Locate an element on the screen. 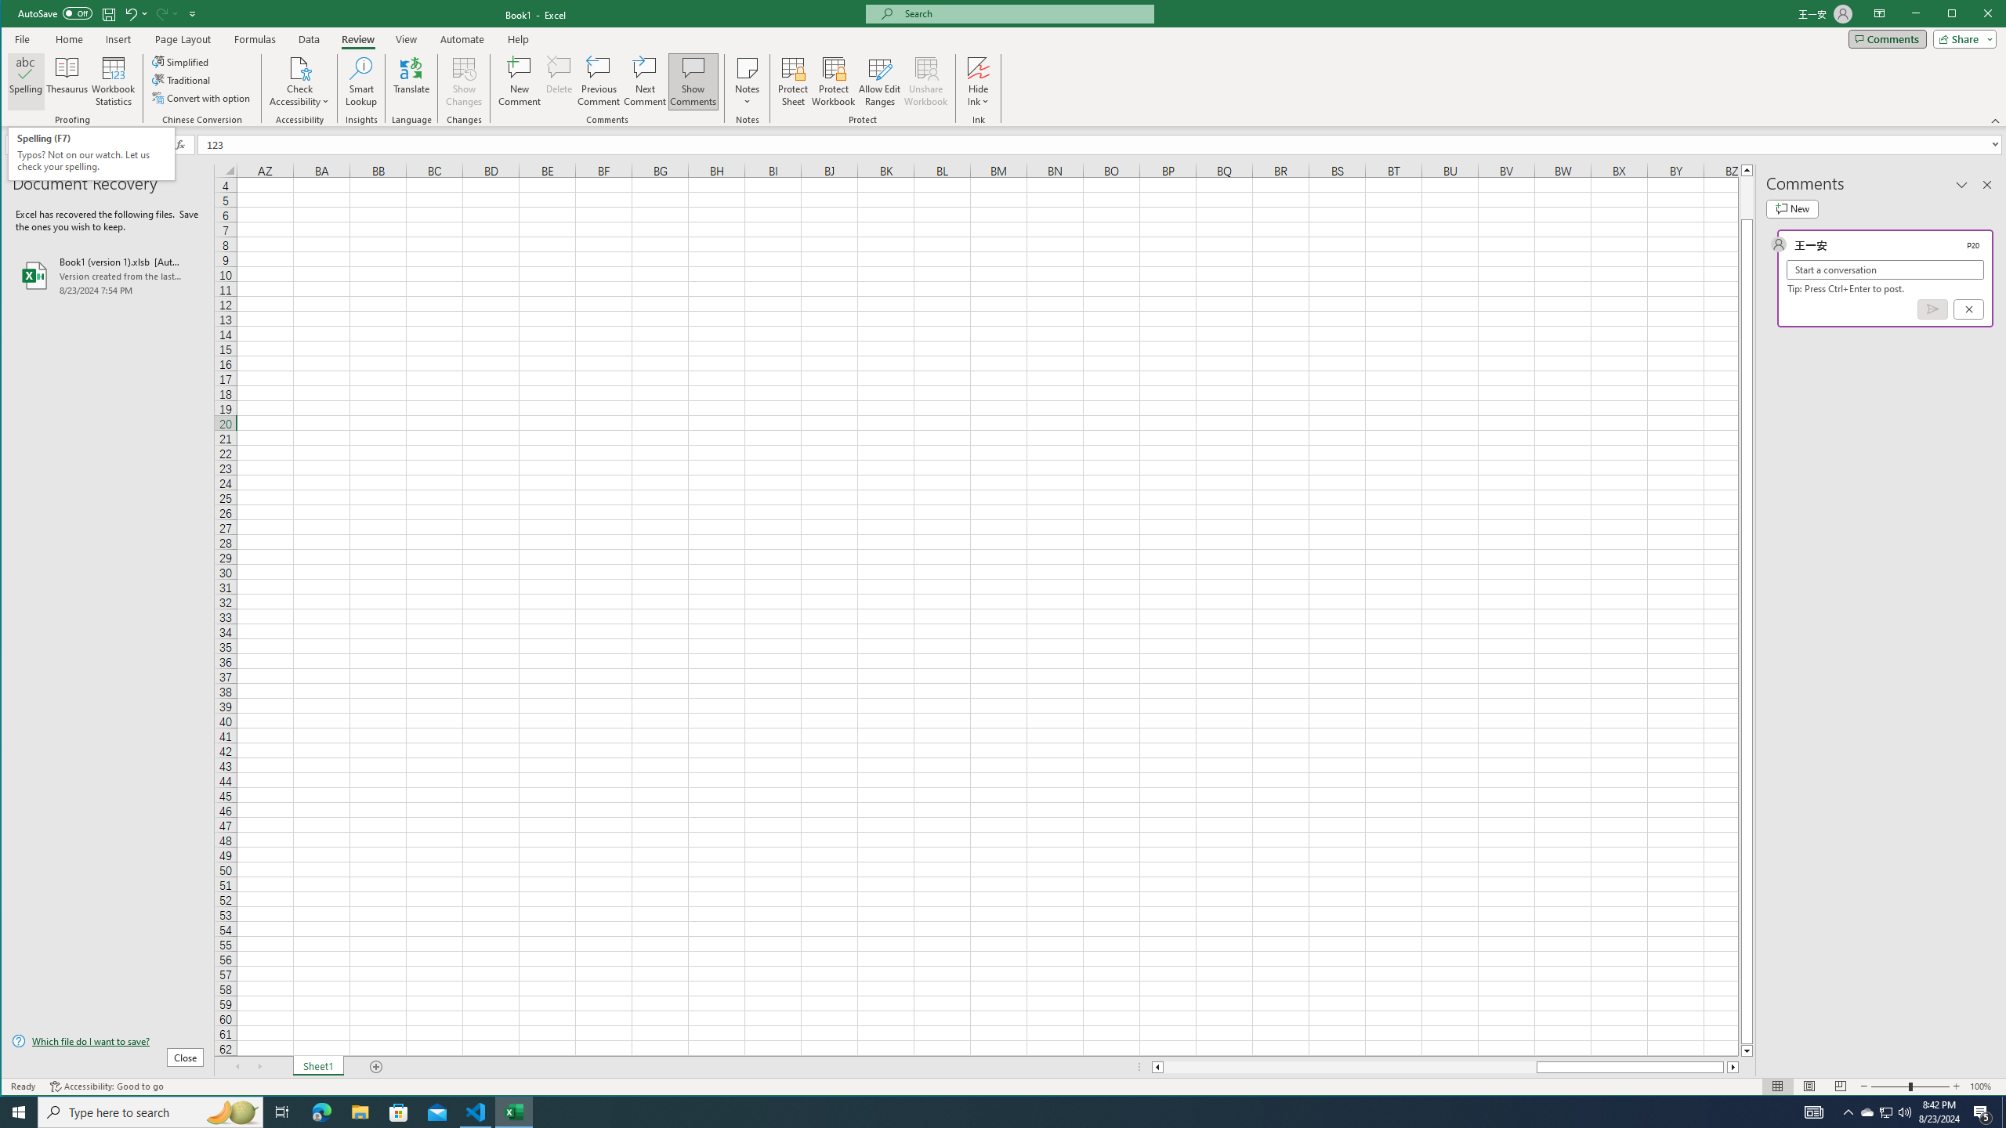 This screenshot has width=2006, height=1128. 'Excel - 1 running window' is located at coordinates (514, 1111).